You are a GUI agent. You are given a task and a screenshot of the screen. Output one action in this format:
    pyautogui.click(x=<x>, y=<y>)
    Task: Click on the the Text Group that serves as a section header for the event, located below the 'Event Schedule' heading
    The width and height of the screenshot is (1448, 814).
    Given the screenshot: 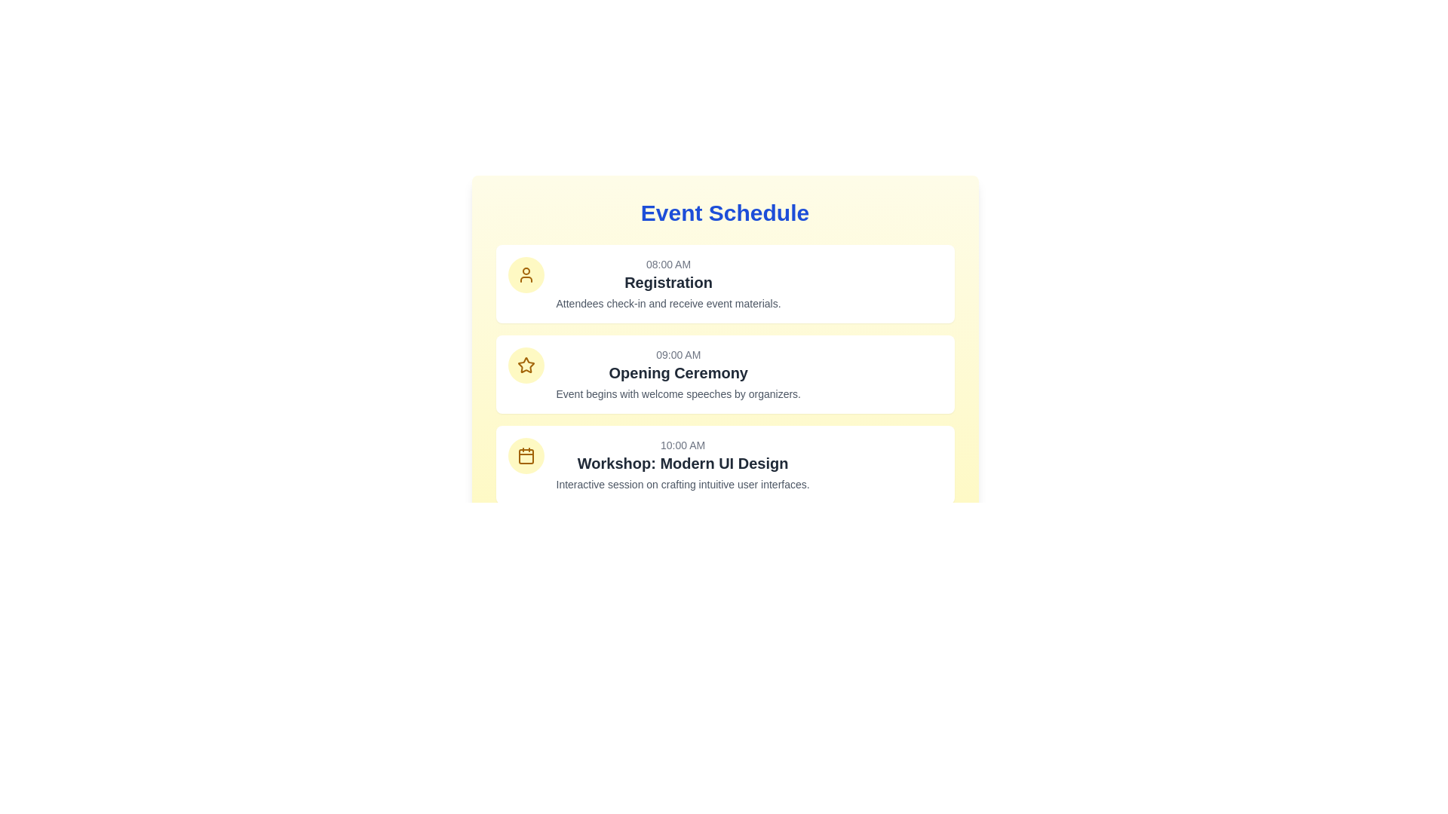 What is the action you would take?
    pyautogui.click(x=667, y=284)
    